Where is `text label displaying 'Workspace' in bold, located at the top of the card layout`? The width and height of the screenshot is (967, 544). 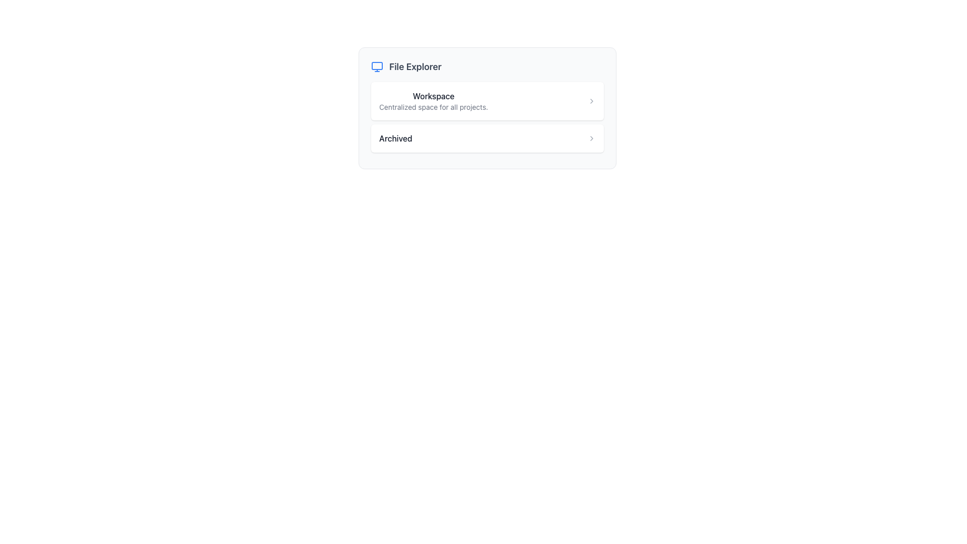 text label displaying 'Workspace' in bold, located at the top of the card layout is located at coordinates (434, 96).